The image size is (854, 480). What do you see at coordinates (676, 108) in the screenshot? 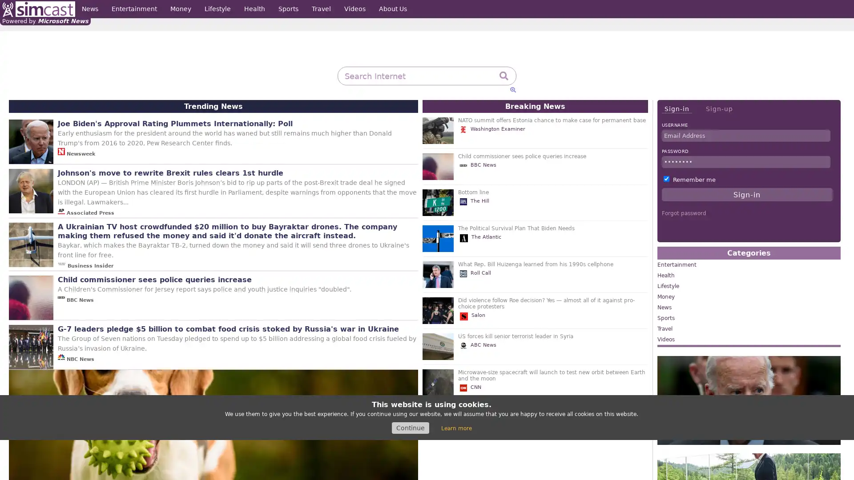
I see `Sign-in` at bounding box center [676, 108].